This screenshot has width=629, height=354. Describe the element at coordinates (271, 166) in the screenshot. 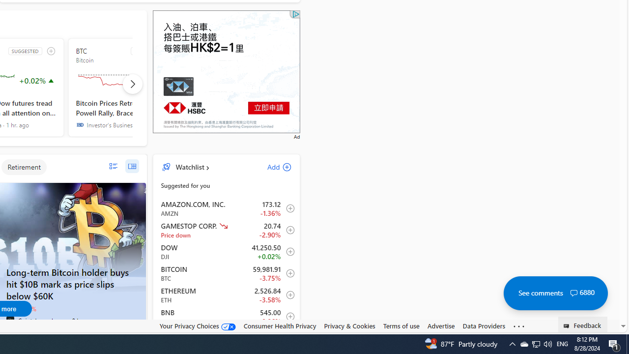

I see `'Add'` at that location.